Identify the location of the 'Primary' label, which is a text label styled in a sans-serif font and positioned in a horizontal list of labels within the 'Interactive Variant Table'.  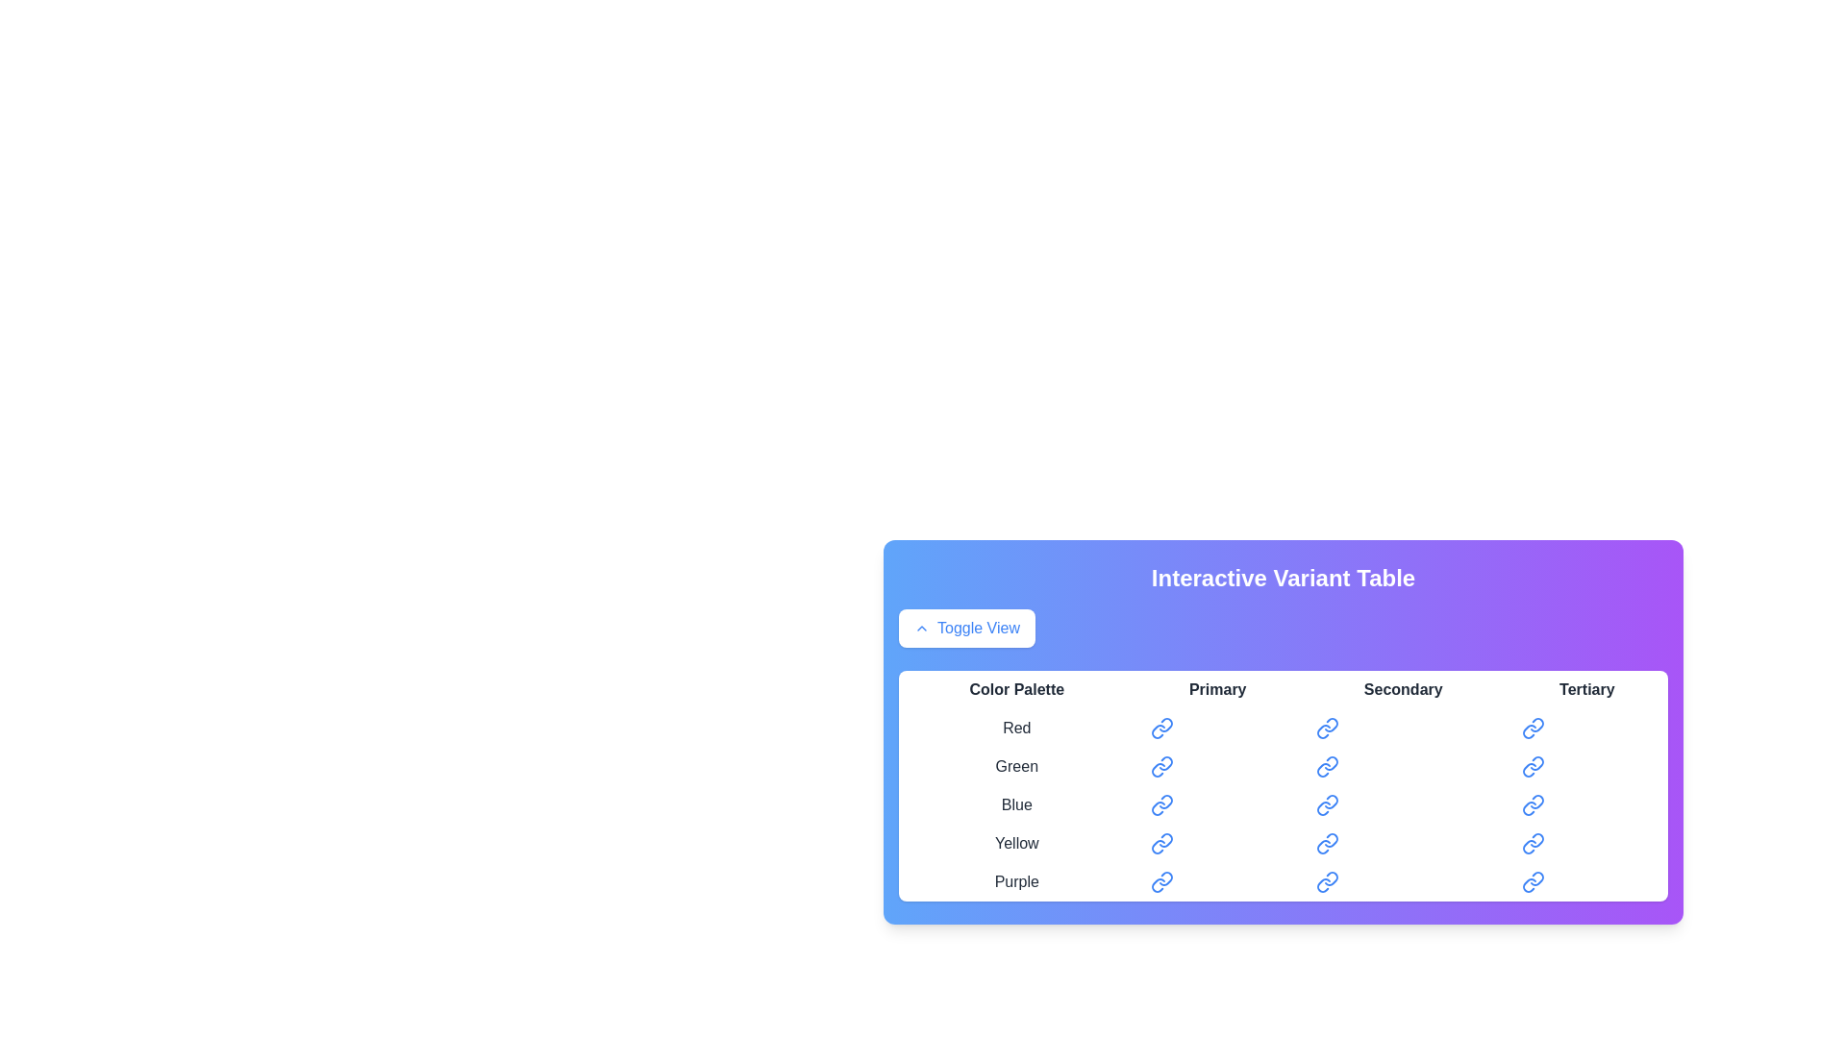
(1216, 688).